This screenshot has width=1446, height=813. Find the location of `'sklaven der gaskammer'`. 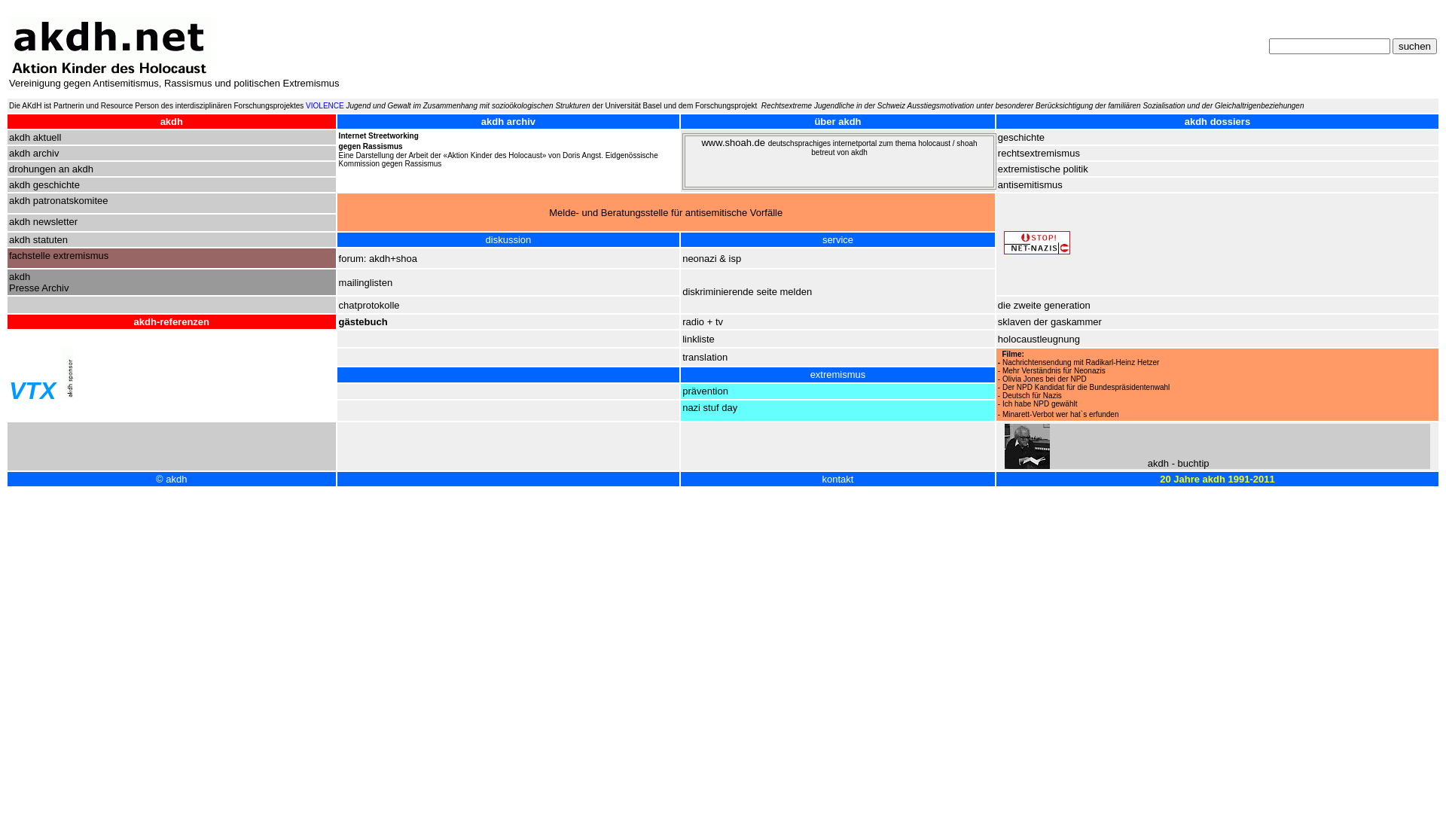

'sklaven der gaskammer' is located at coordinates (997, 321).